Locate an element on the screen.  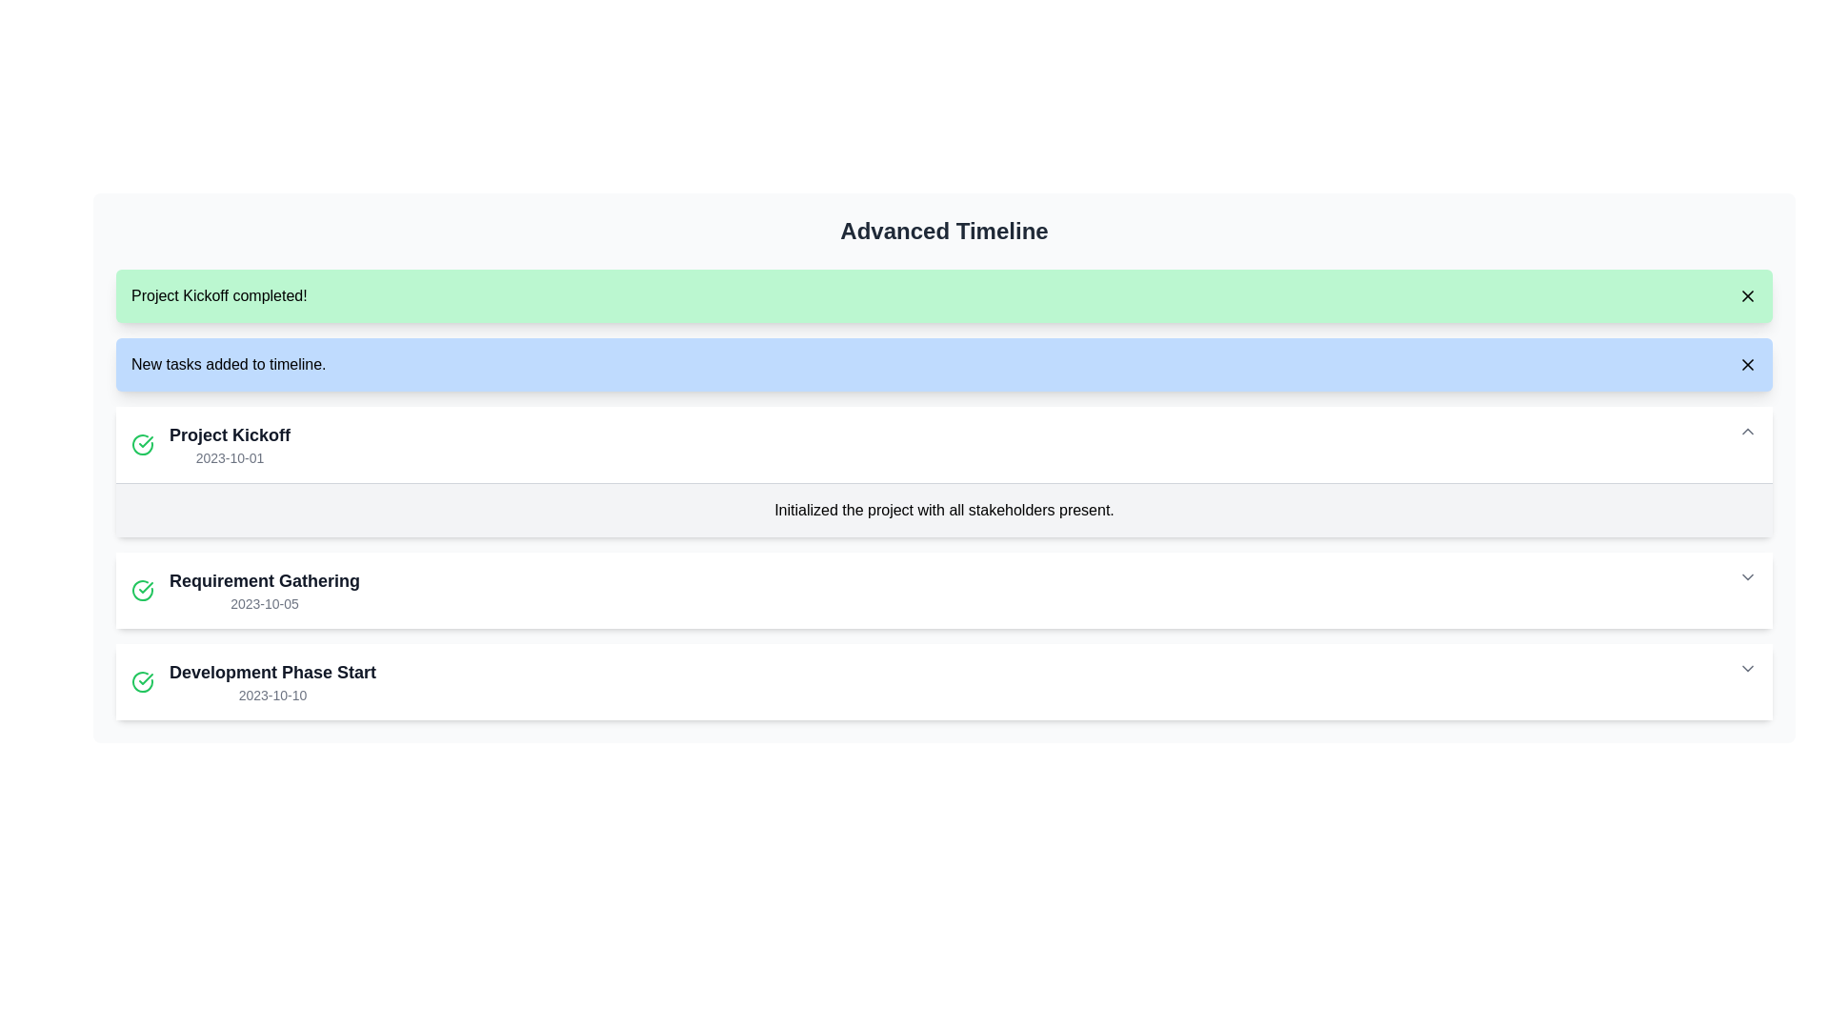
the small cross-shaped icon with a diagonal design on a blue background located at the far right of the blue notification bar in the timeline section is located at coordinates (1747, 364).